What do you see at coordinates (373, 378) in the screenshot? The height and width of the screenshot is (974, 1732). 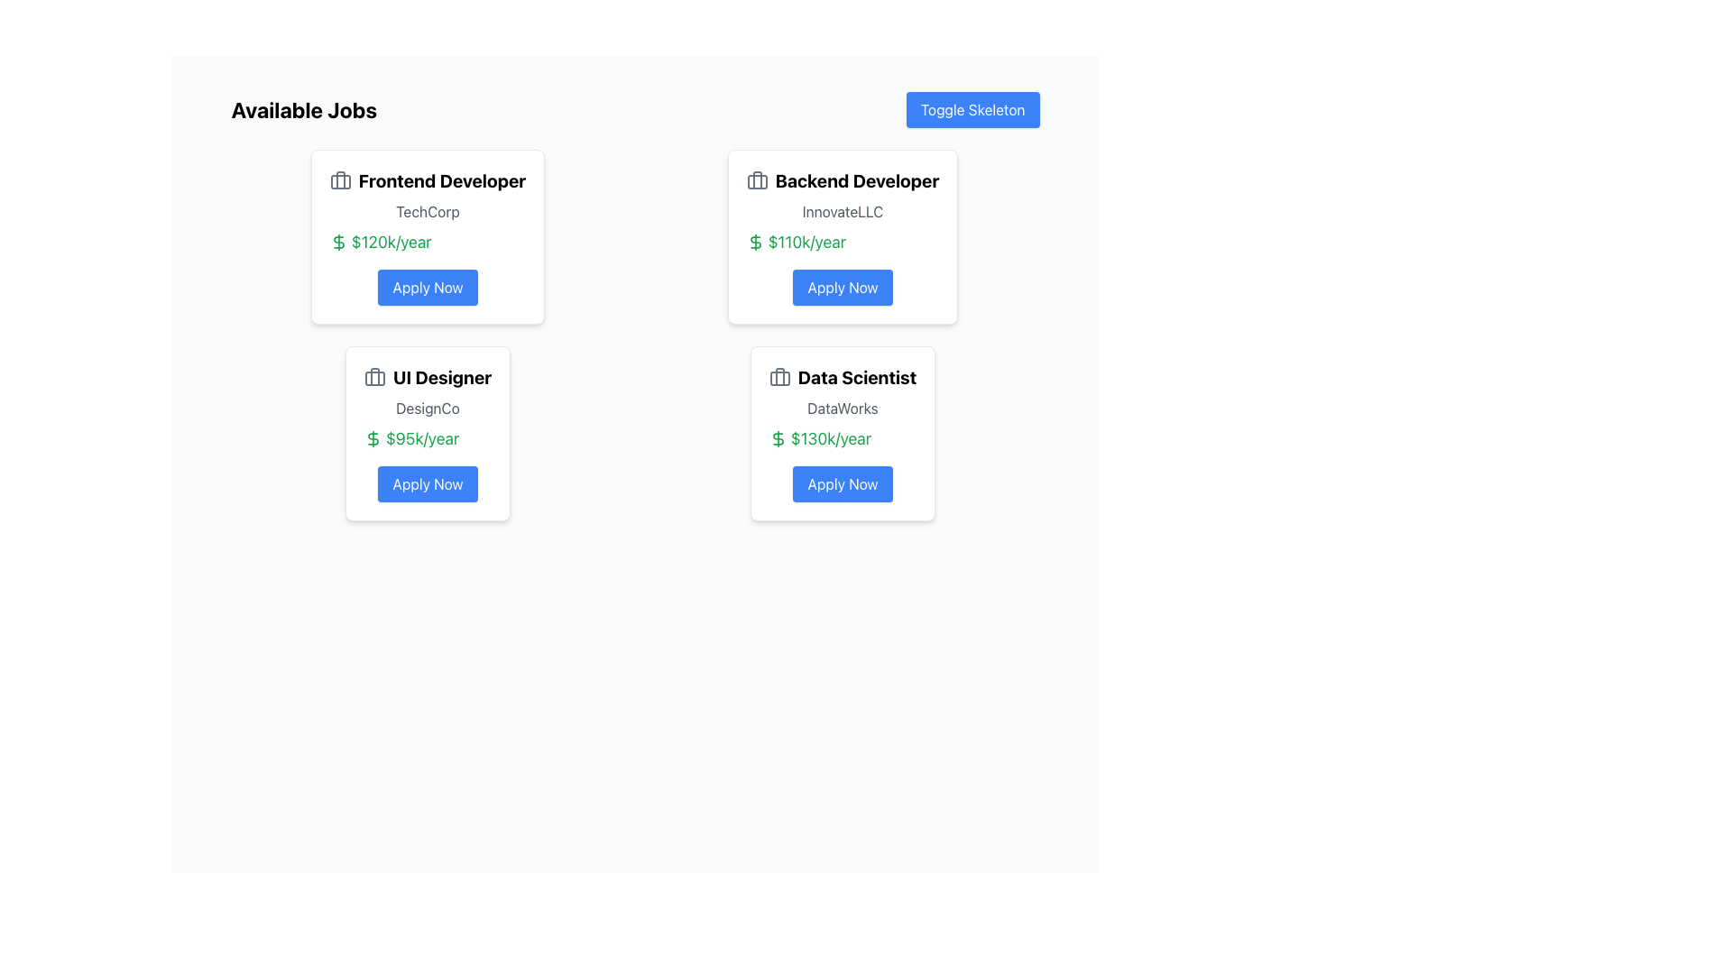 I see `the body of the briefcase icon within the second job tile labeled 'UI Designer' in the overview of available jobs` at bounding box center [373, 378].